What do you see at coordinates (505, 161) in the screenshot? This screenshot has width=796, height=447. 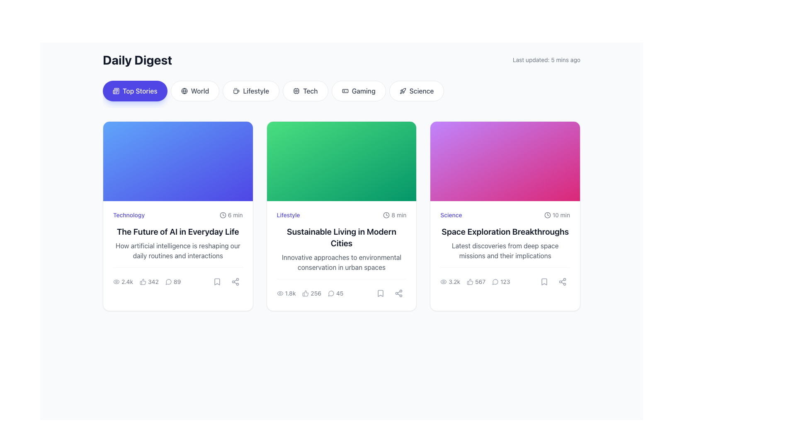 I see `the decorative gradient background element located at the top of the third card, which enhances visual emphasis and differentiates the cards` at bounding box center [505, 161].